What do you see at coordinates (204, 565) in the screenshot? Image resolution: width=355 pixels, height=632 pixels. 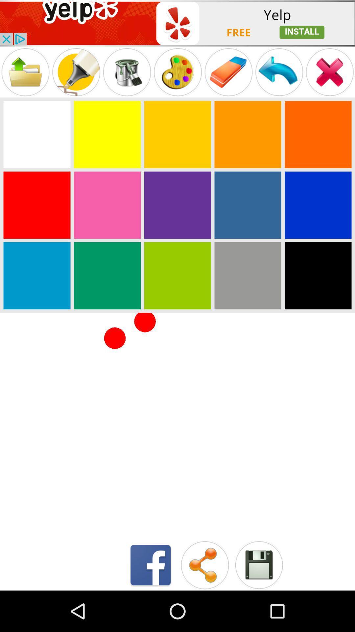 I see `share` at bounding box center [204, 565].